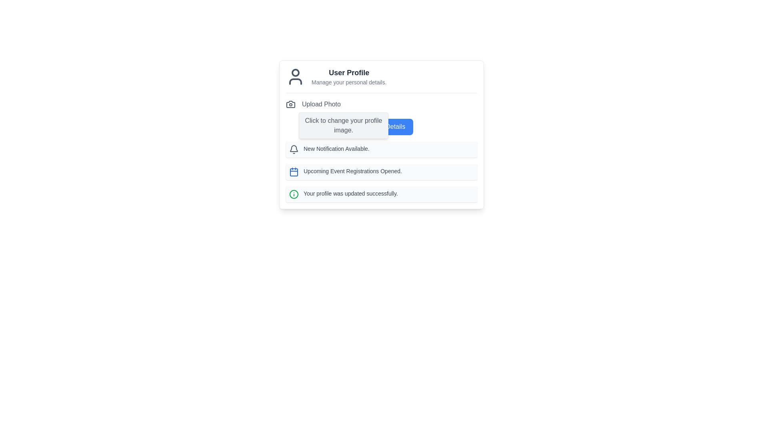  I want to click on the informational static text element located within the user profile section, positioned to the right of the blue calendar icon, so click(352, 171).